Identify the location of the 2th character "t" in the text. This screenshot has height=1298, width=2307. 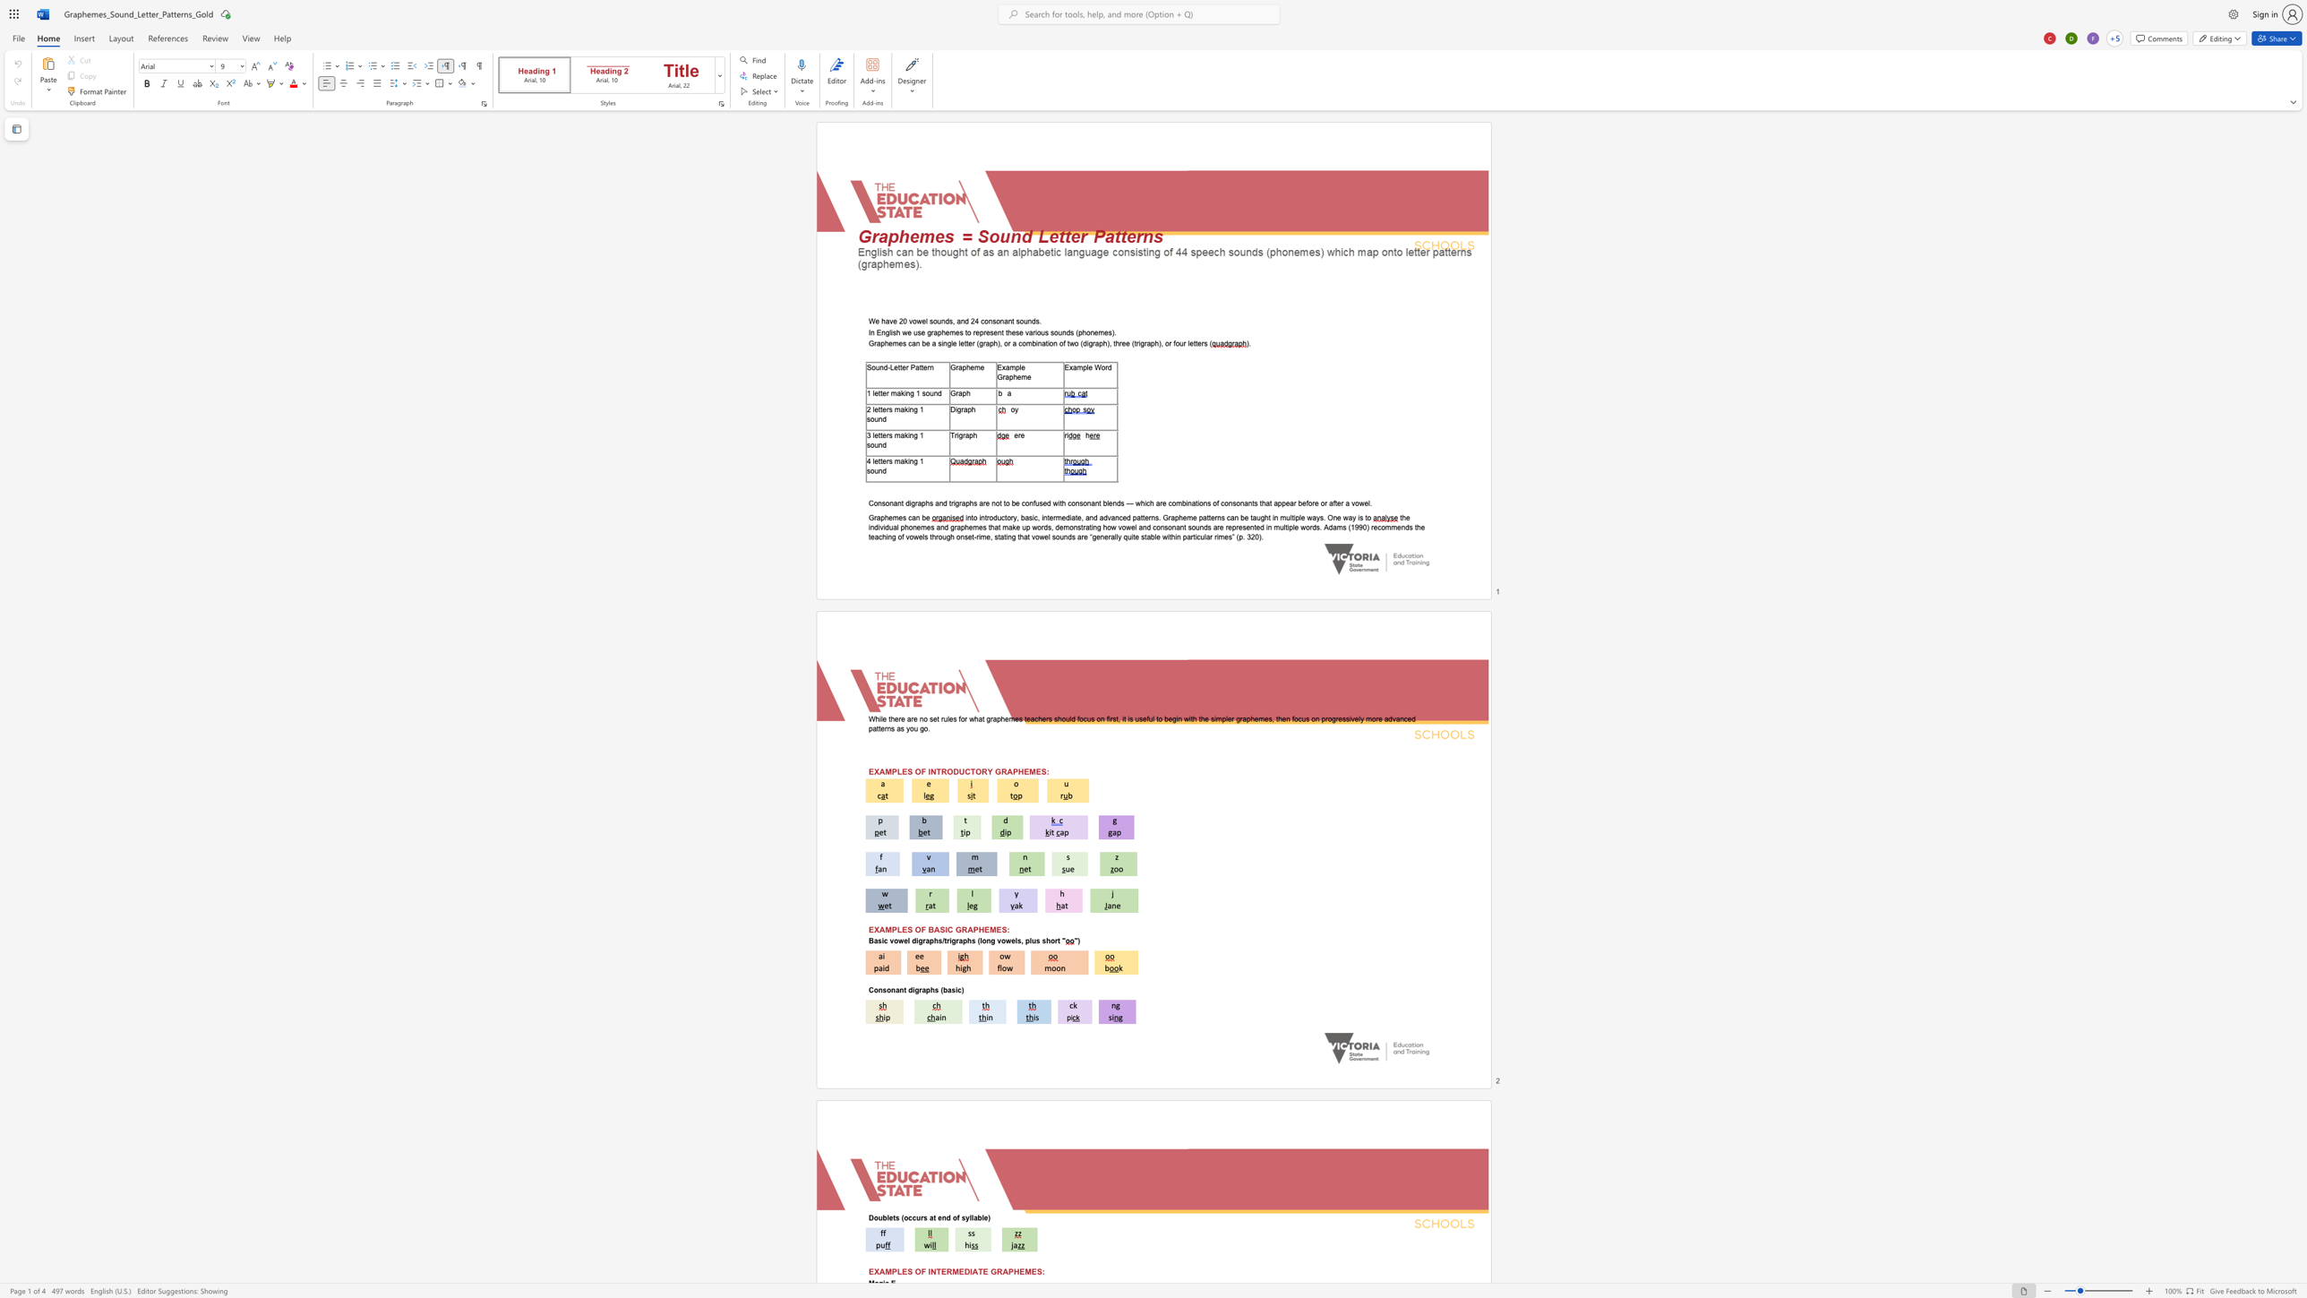
(901, 366).